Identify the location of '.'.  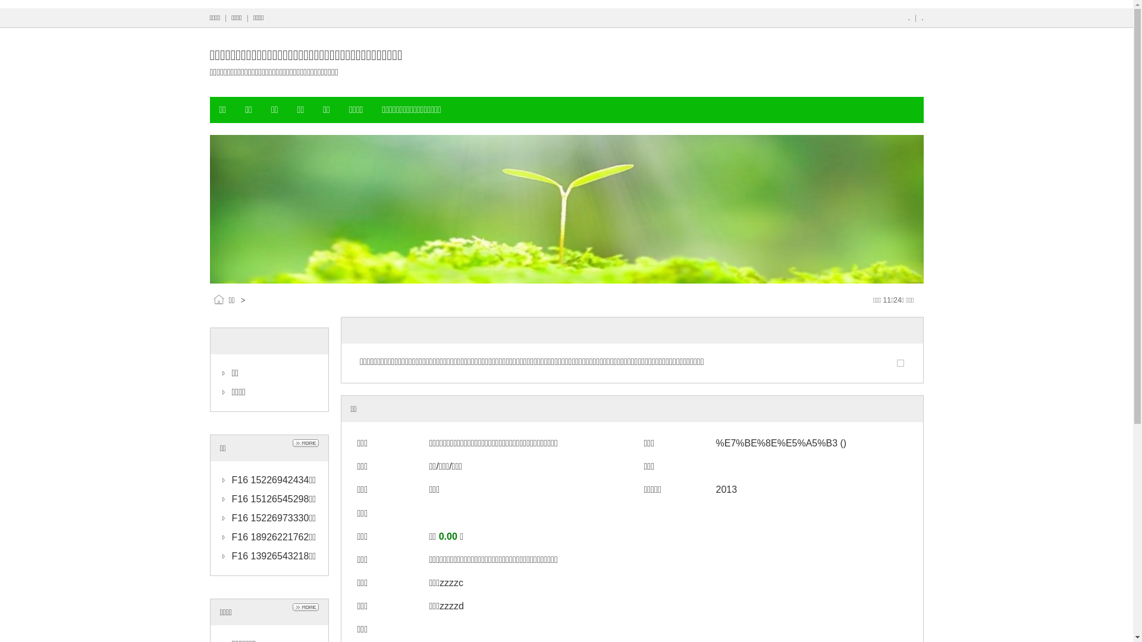
(908, 18).